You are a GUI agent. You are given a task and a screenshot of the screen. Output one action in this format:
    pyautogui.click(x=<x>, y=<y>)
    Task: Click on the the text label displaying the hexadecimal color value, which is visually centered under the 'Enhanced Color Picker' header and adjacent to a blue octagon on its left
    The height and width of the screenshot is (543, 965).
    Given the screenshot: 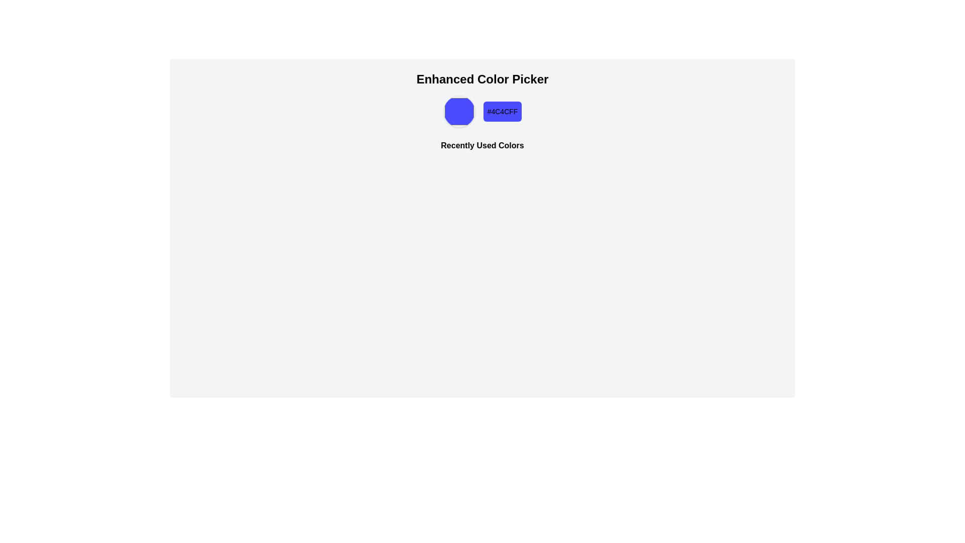 What is the action you would take?
    pyautogui.click(x=502, y=112)
    